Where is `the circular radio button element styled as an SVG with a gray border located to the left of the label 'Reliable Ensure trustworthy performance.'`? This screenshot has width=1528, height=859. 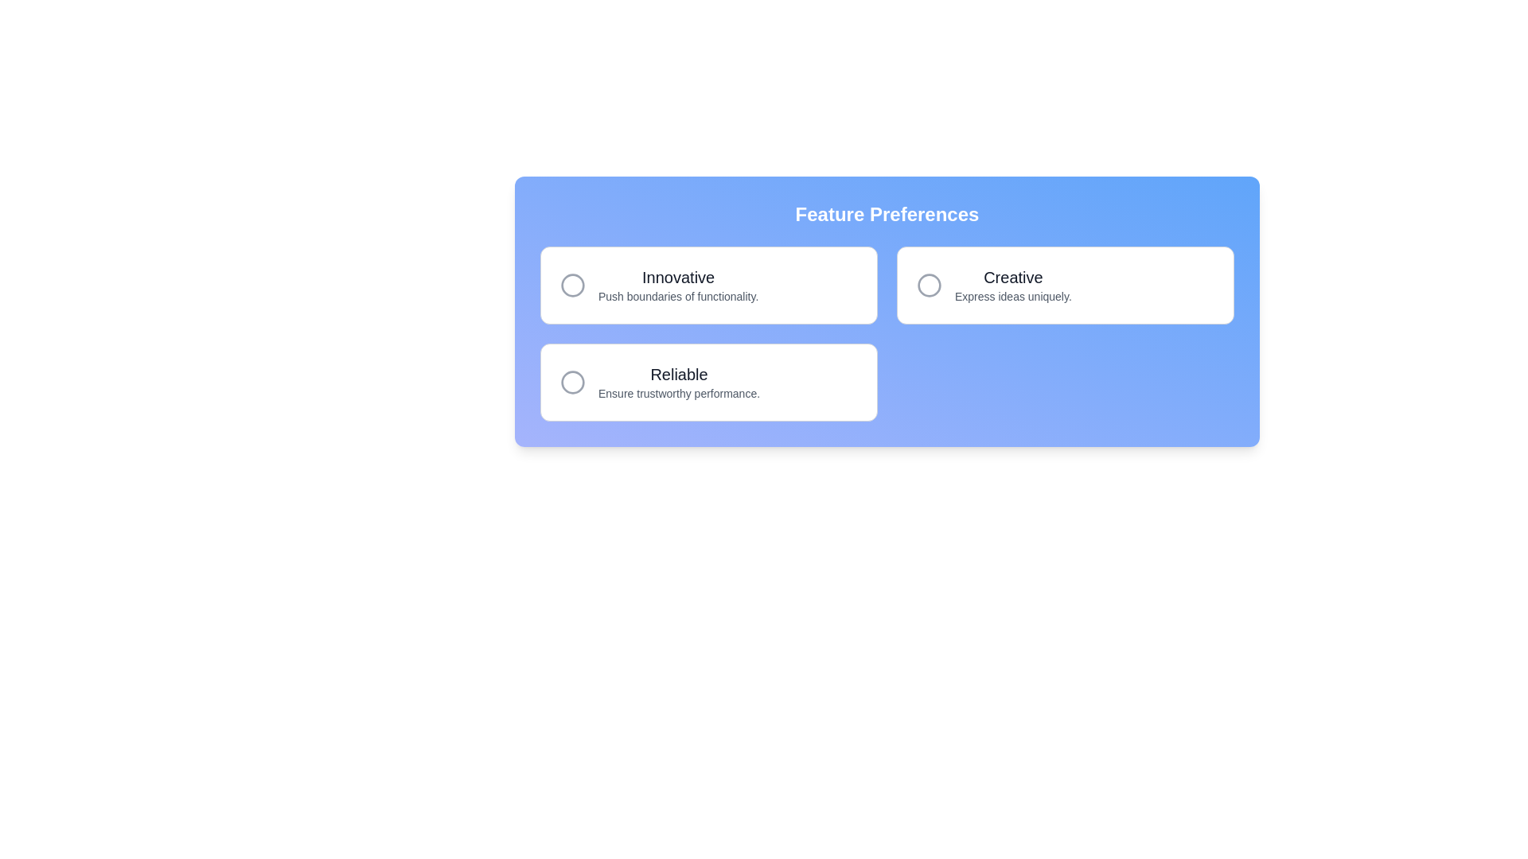
the circular radio button element styled as an SVG with a gray border located to the left of the label 'Reliable Ensure trustworthy performance.' is located at coordinates (573, 383).